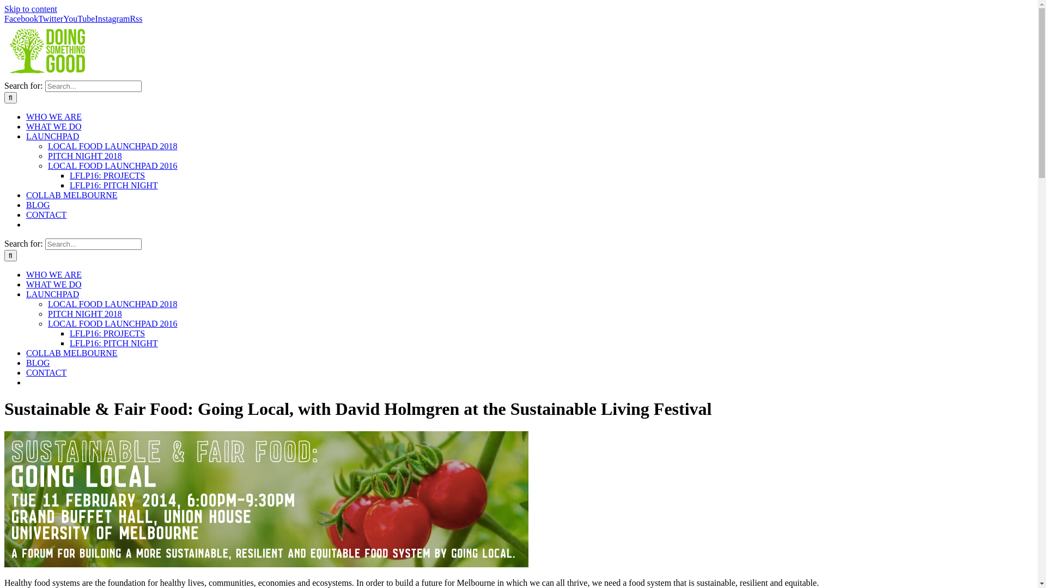 Image resolution: width=1046 pixels, height=588 pixels. I want to click on 'Instagram', so click(94, 19).